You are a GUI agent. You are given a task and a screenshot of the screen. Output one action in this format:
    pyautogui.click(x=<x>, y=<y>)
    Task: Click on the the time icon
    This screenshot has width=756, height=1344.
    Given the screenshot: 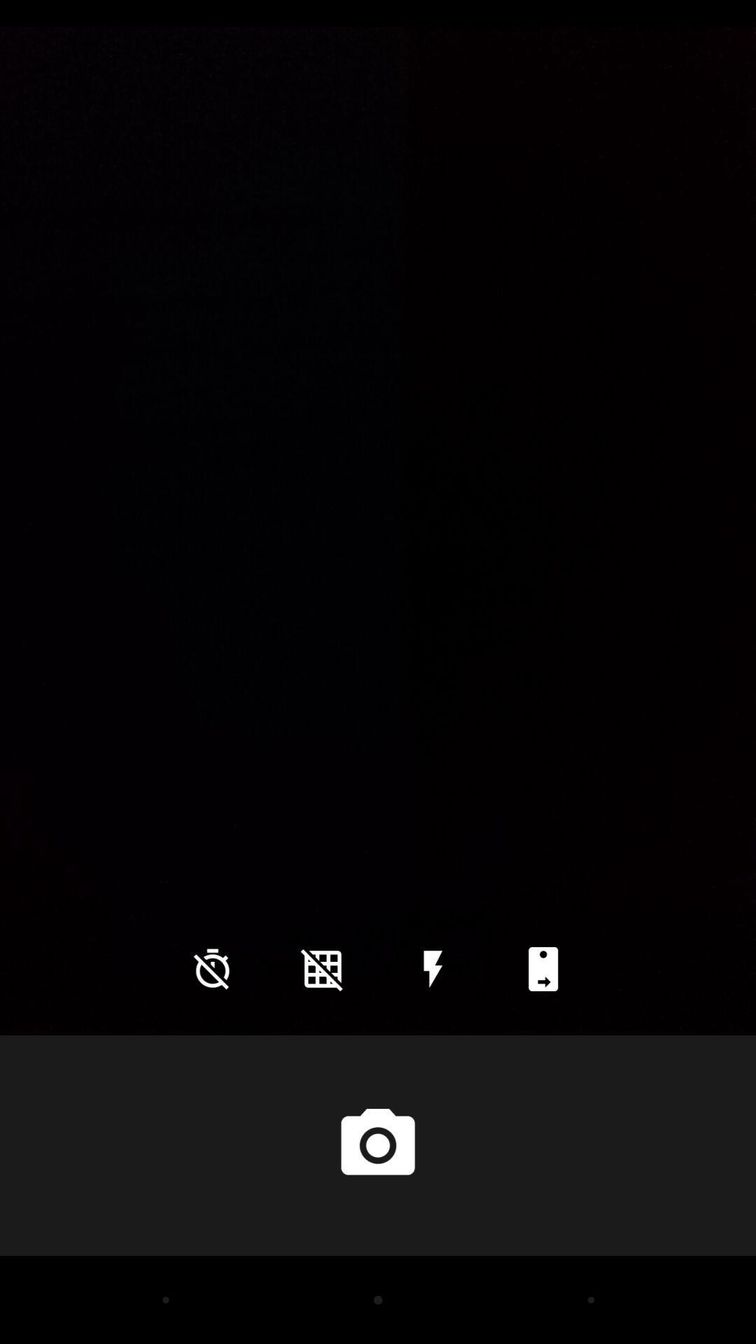 What is the action you would take?
    pyautogui.click(x=212, y=968)
    